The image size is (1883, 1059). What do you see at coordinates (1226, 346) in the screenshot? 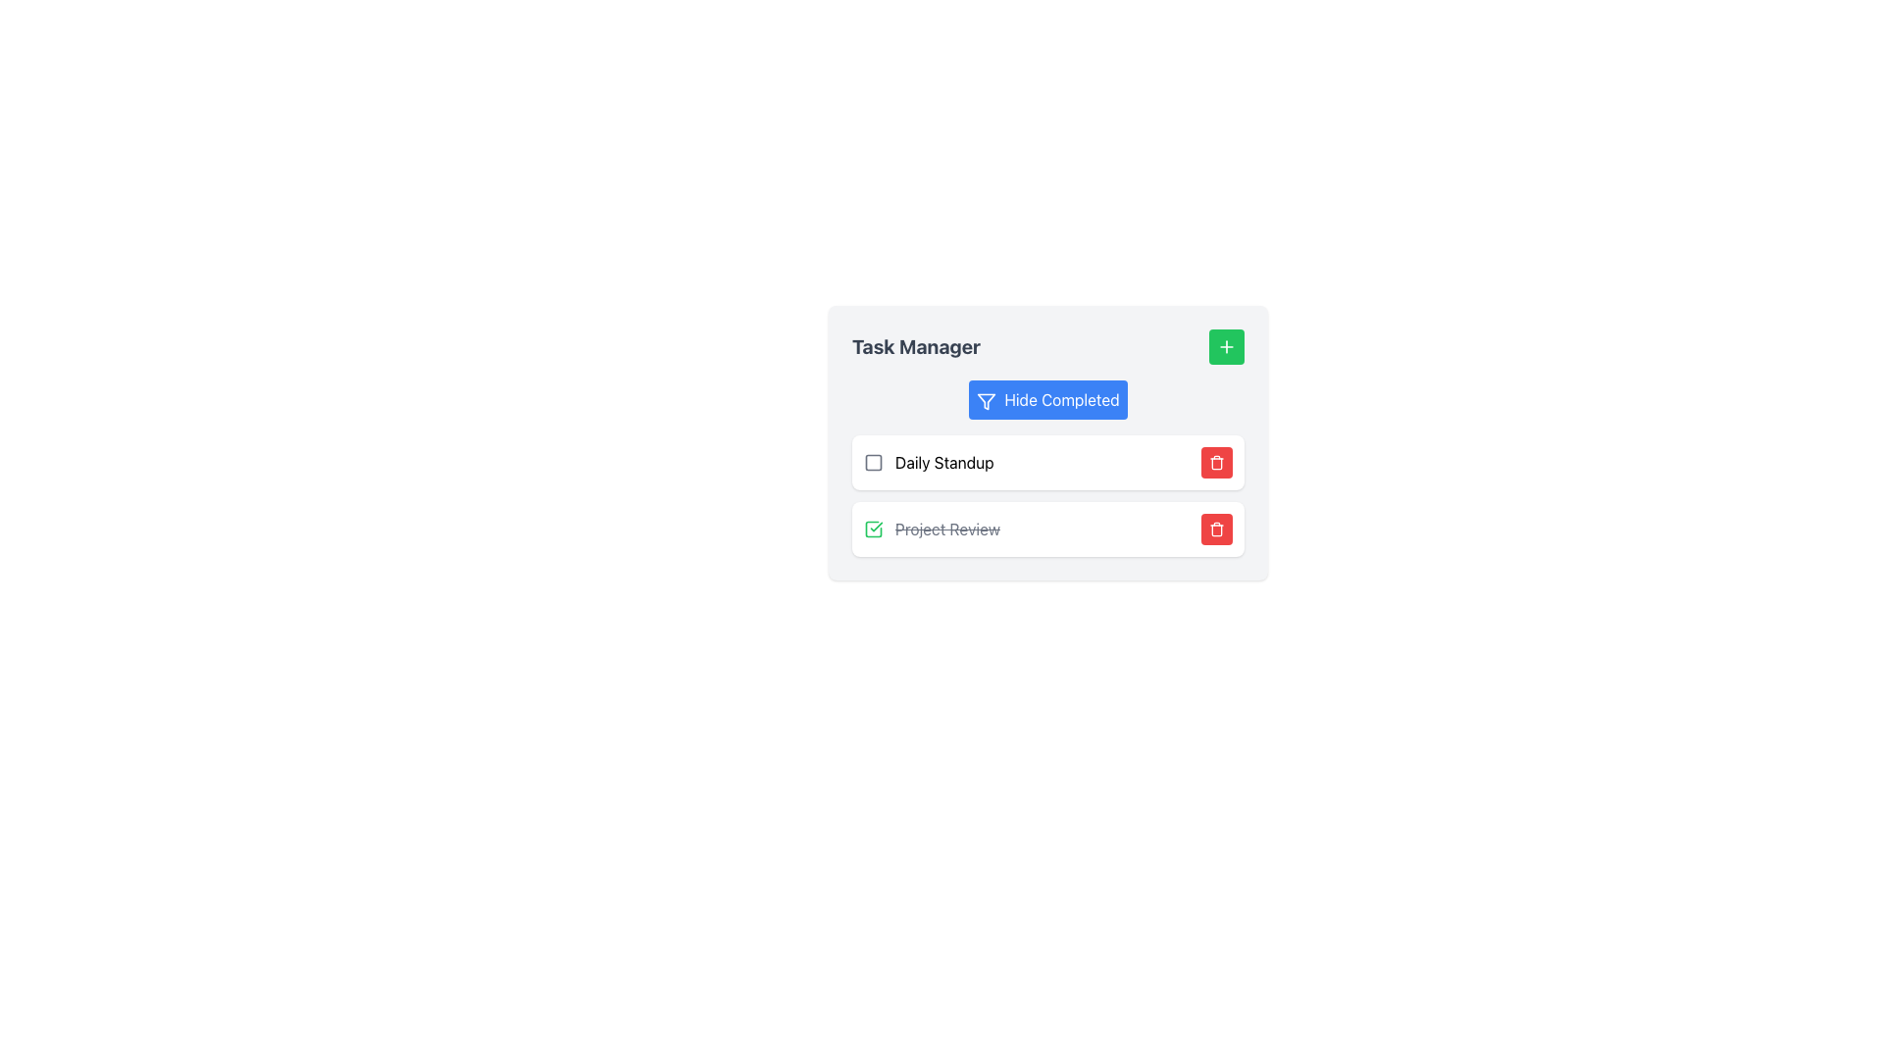
I see `the button located in the top-right corner of the 'Task Manager' section` at bounding box center [1226, 346].